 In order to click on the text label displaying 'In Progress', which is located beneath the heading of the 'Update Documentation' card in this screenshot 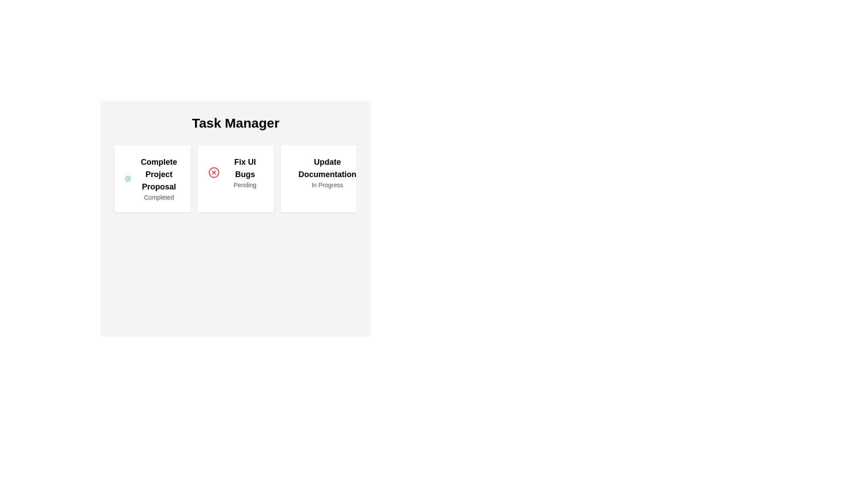, I will do `click(327, 185)`.